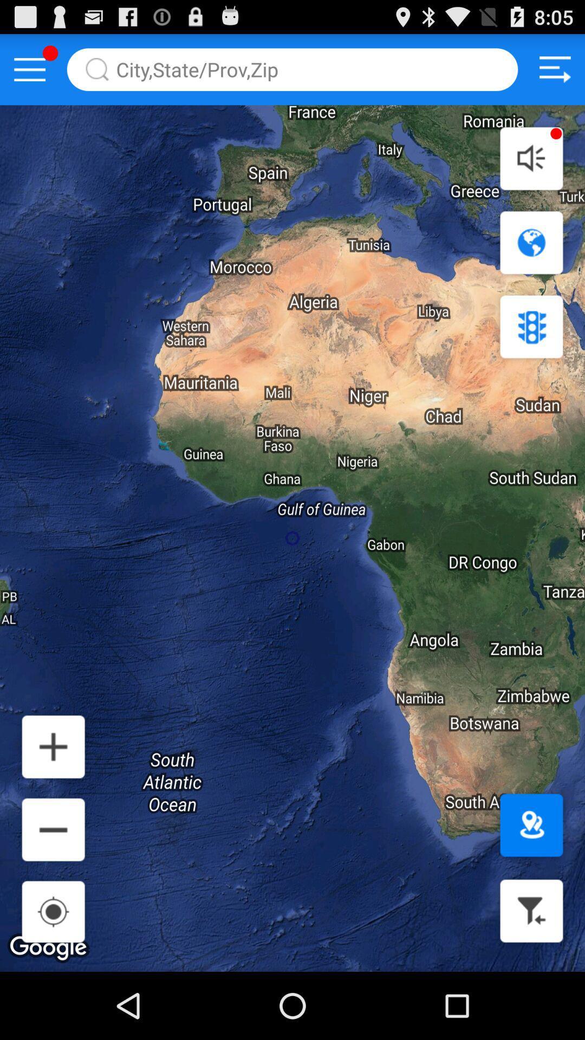  I want to click on zoom, so click(53, 829).